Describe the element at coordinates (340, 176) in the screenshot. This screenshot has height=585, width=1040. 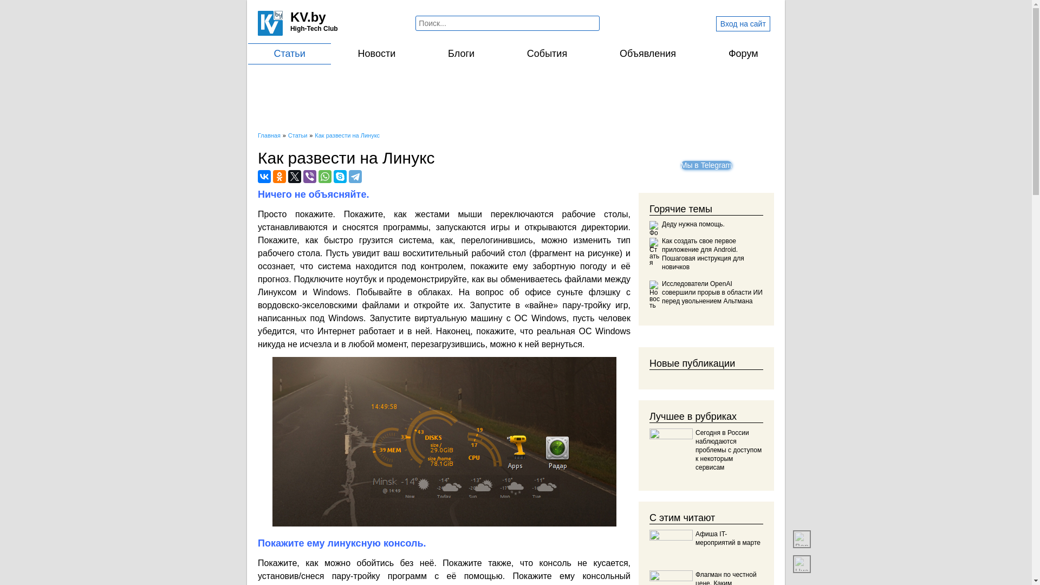
I see `'Skype'` at that location.